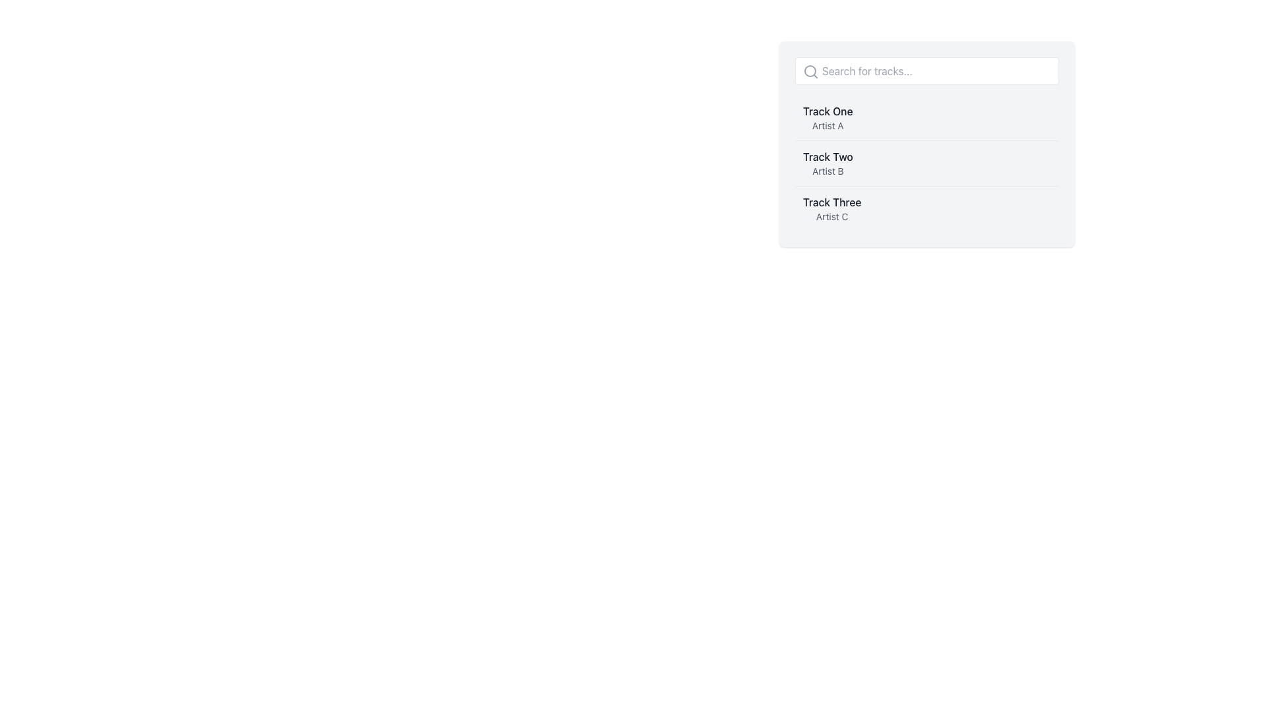 The width and height of the screenshot is (1267, 712). I want to click on the text label displaying 'Track One', so click(827, 111).